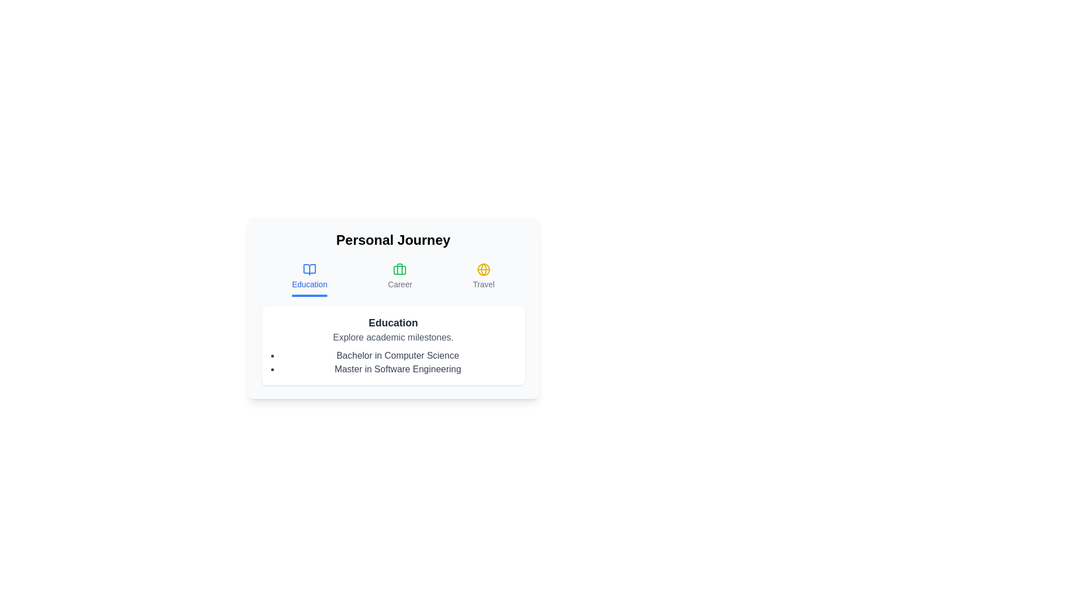 Image resolution: width=1089 pixels, height=612 pixels. I want to click on text label indicating the educational qualification, which denotes a Master's degree in Software Engineering, located below 'Bachelor in Computer Science' in the 'Education' section, so click(398, 369).